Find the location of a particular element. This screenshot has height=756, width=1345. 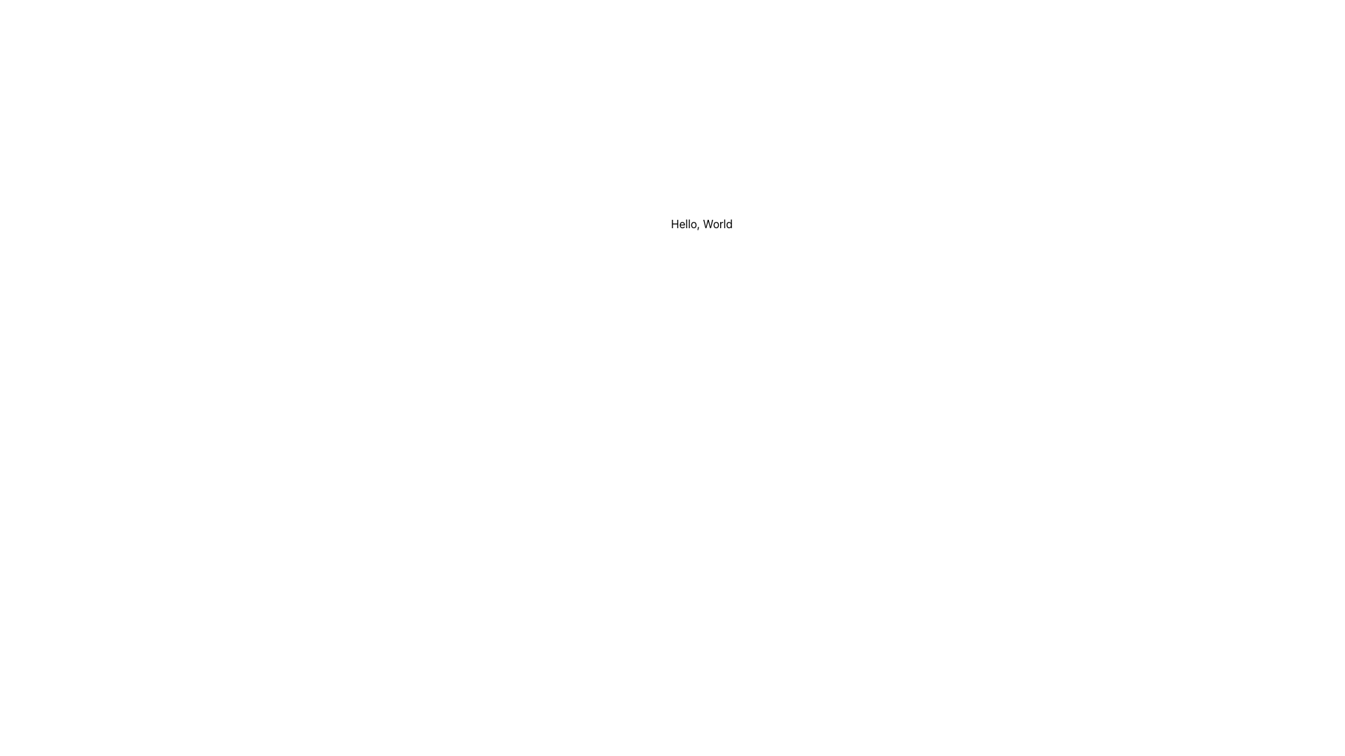

text displayed in the centrally aligned Text display that shows 'Hello, World' is located at coordinates (702, 223).